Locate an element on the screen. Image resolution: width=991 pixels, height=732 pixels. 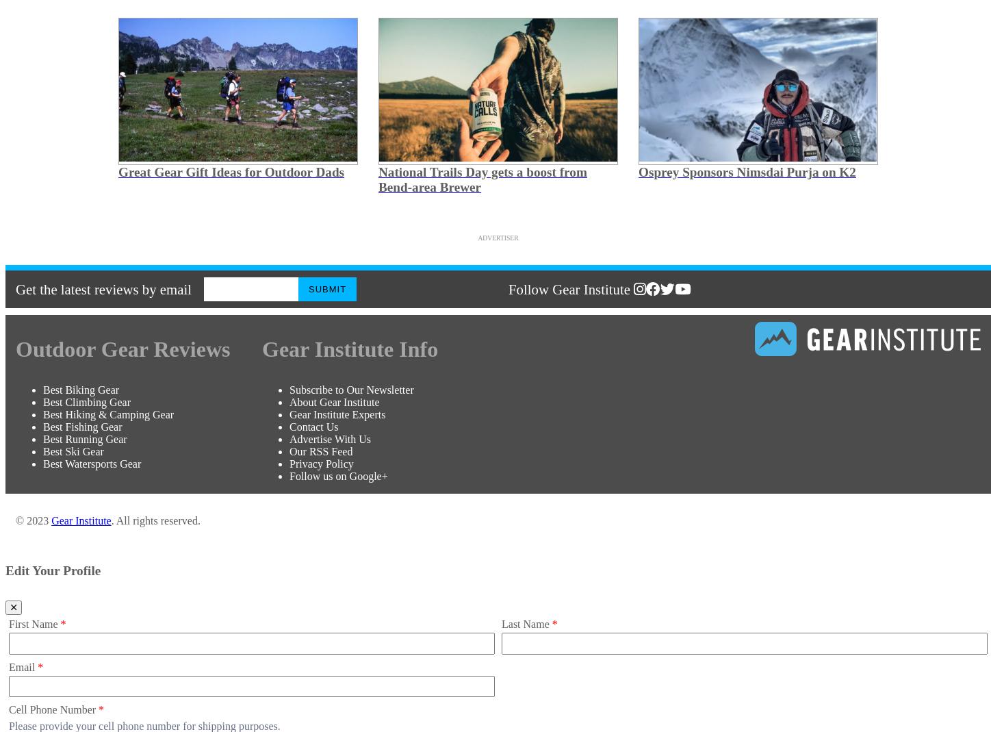
'Advertise With Us' is located at coordinates (329, 438).